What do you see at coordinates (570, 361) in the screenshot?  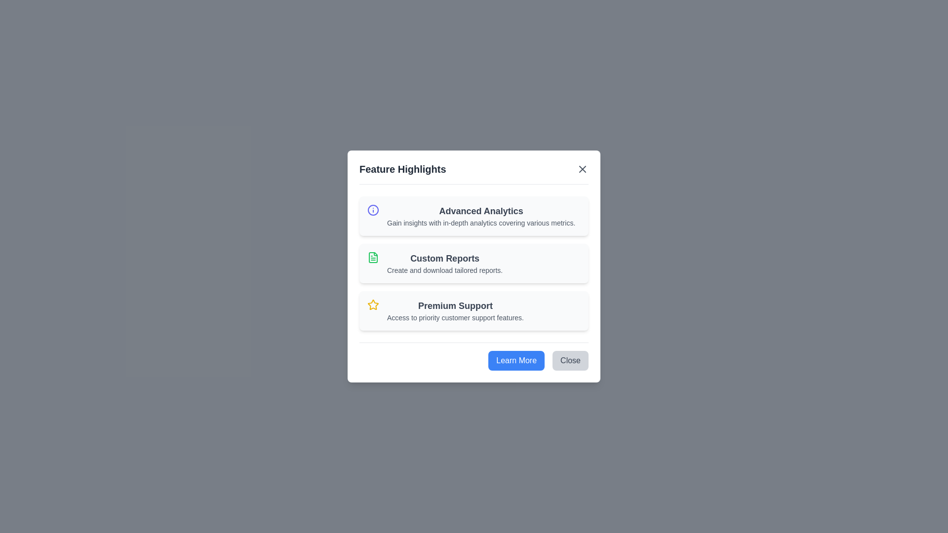 I see `the close button located at the bottom-right corner of the dialog box` at bounding box center [570, 361].